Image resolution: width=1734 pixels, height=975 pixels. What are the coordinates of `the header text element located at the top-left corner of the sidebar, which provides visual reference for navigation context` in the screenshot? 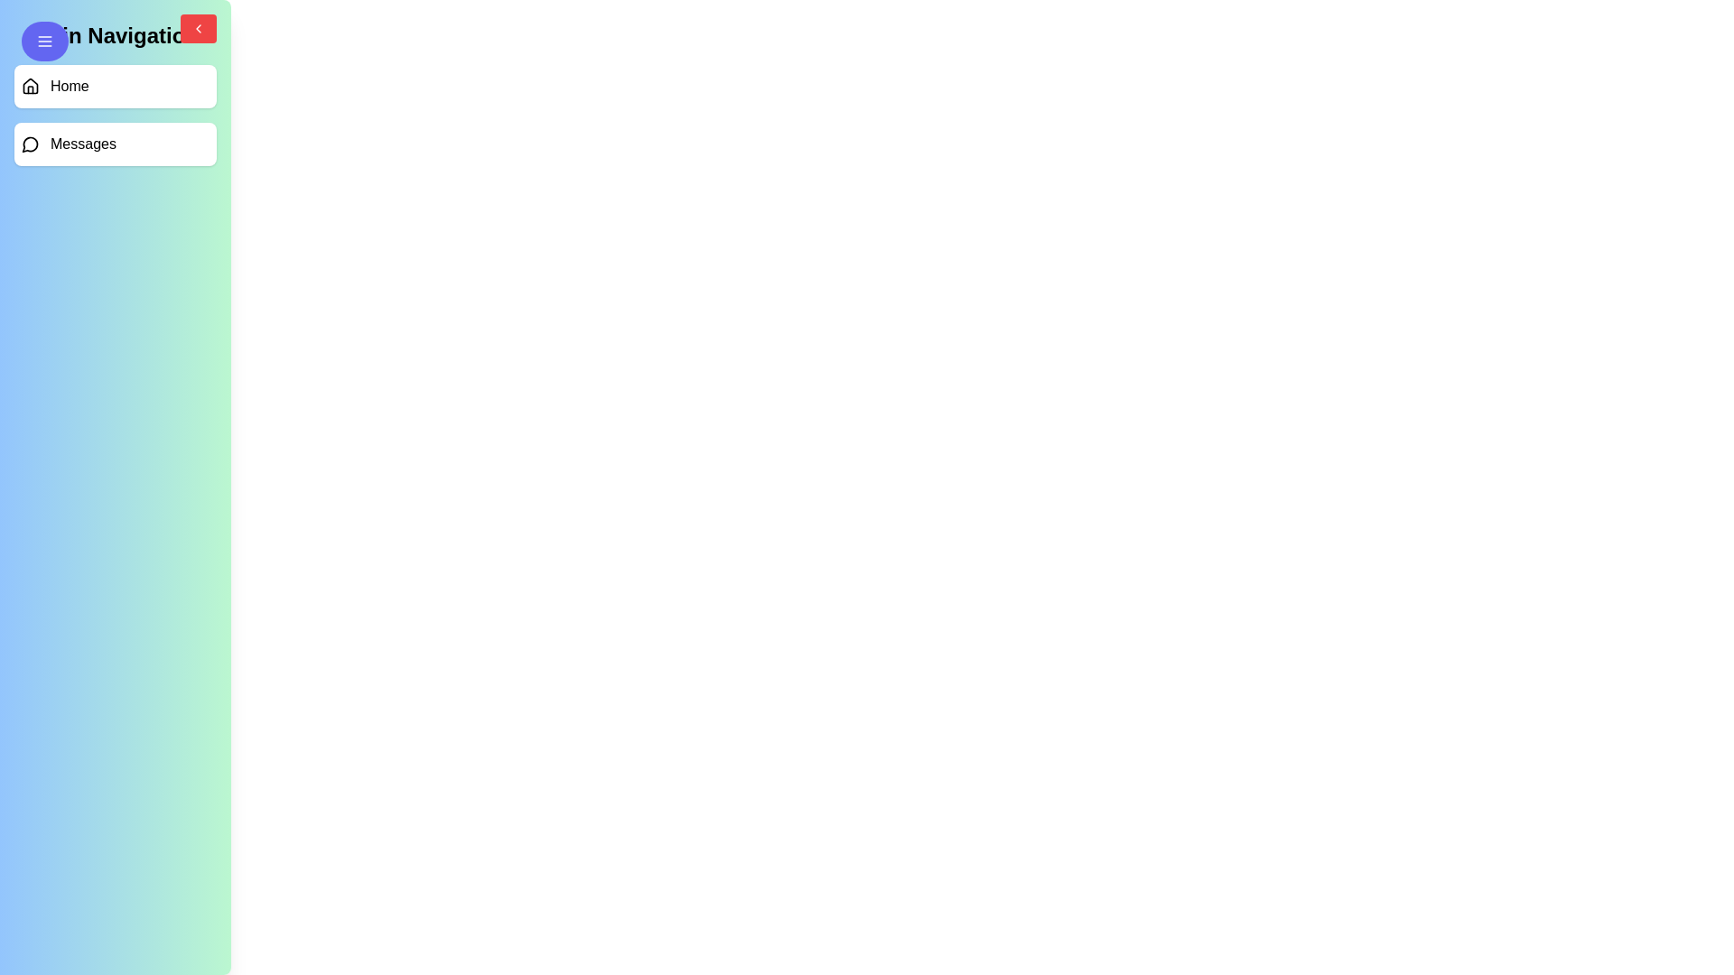 It's located at (115, 35).